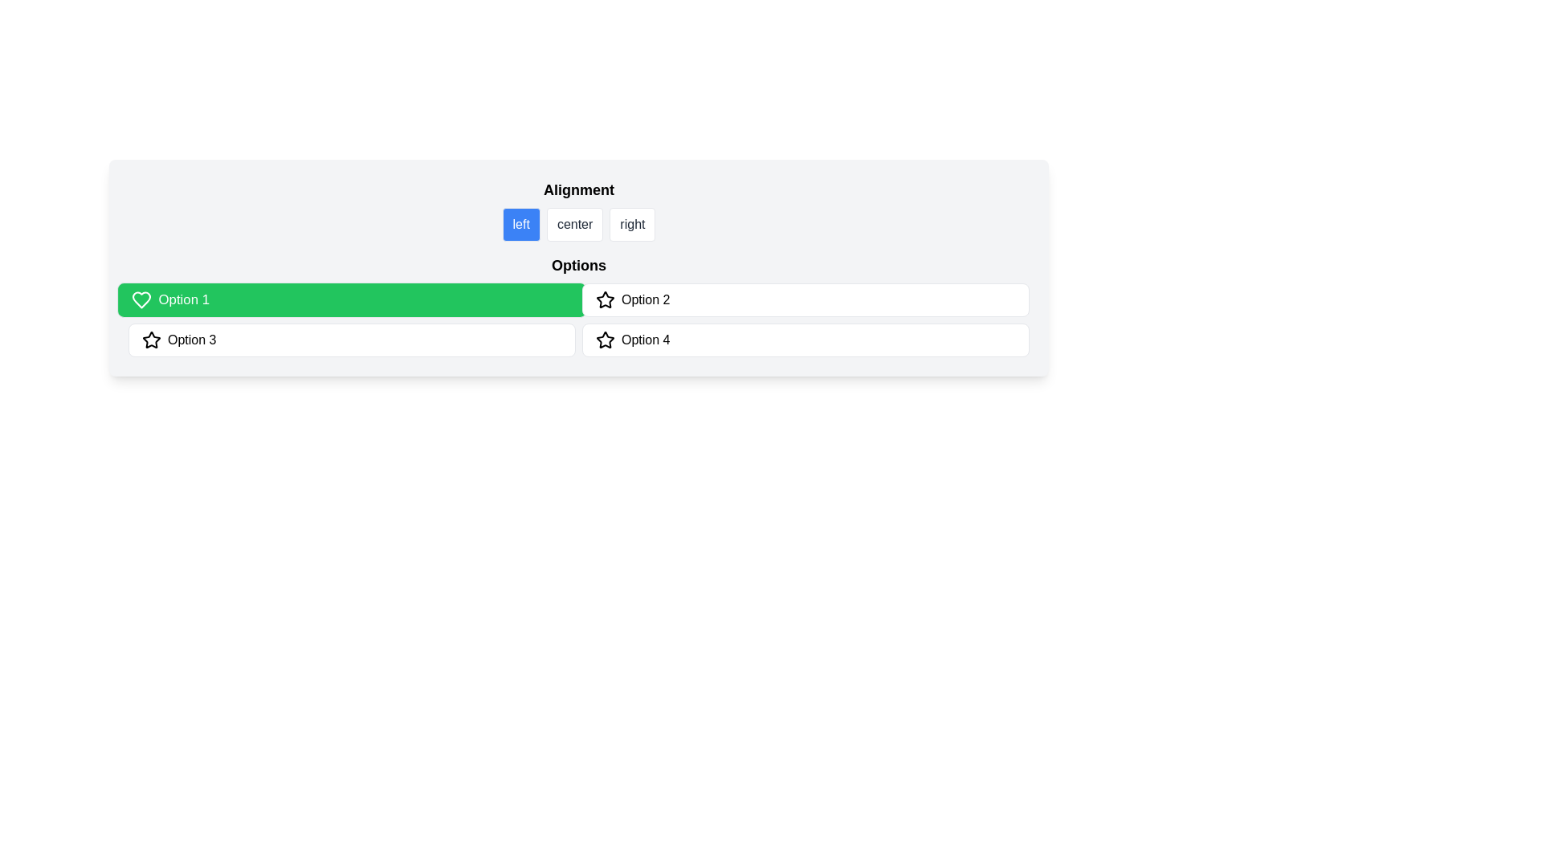 The image size is (1542, 867). What do you see at coordinates (604, 300) in the screenshot?
I see `the decorative or interactive icon associated with 'Option 2', which is located to the left of the text 'Option 2'` at bounding box center [604, 300].